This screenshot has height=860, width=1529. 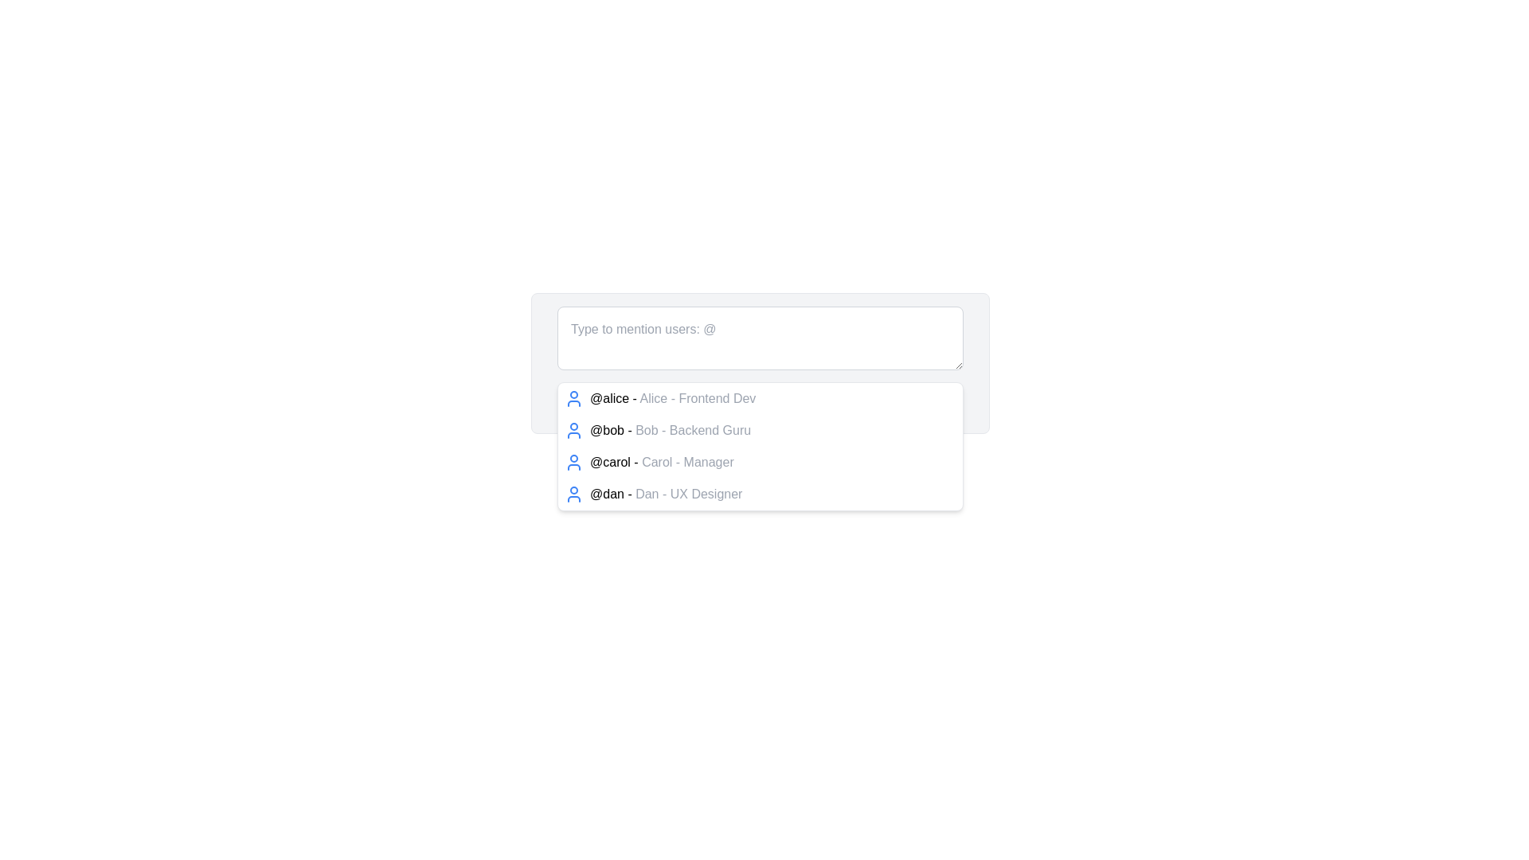 What do you see at coordinates (573, 398) in the screenshot?
I see `the user icon represented by a blue stroke outline of a person, which is located to the left of the label '@alice - Alice - Frontend Dev'` at bounding box center [573, 398].